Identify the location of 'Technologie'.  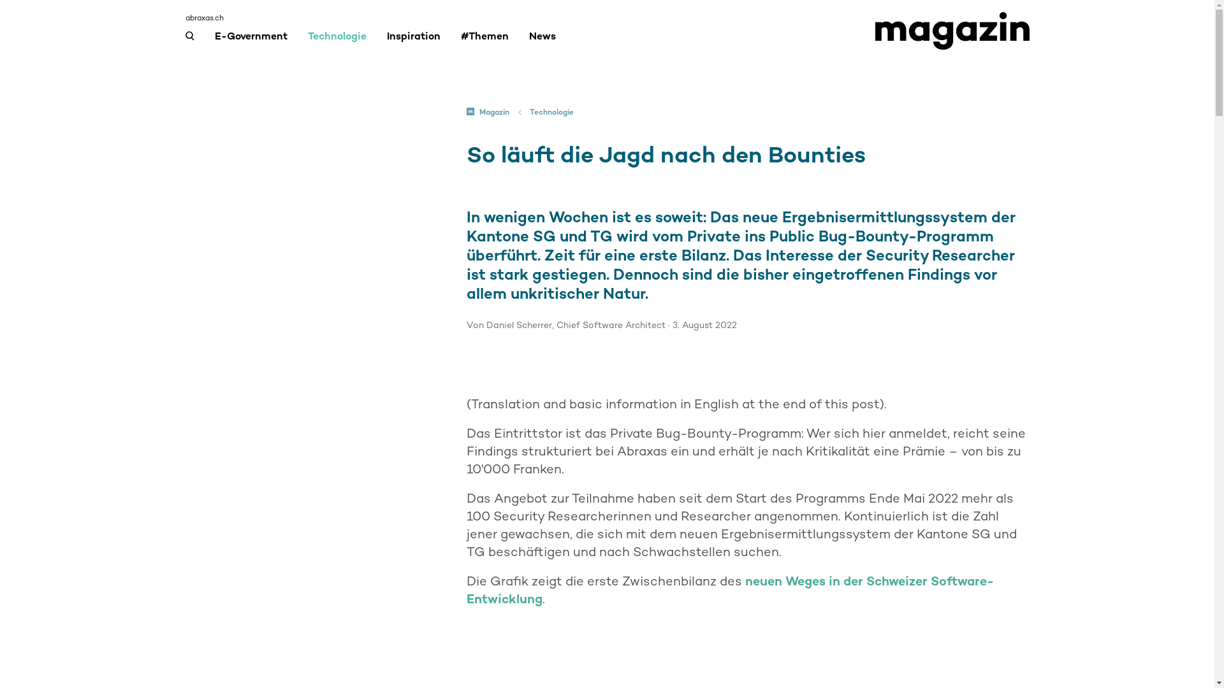
(529, 111).